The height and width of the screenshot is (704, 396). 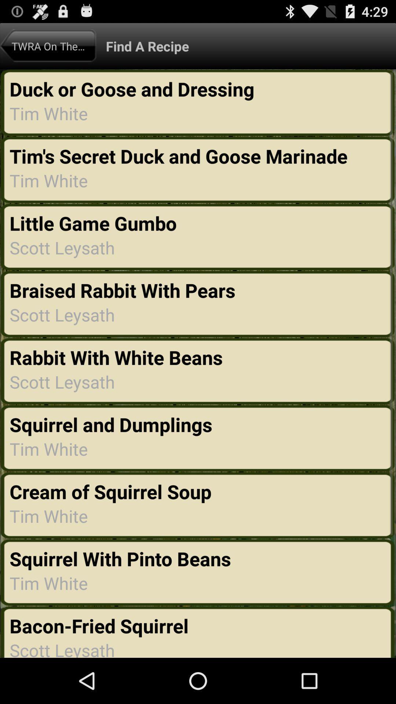 What do you see at coordinates (113, 491) in the screenshot?
I see `cream of squirrel item` at bounding box center [113, 491].